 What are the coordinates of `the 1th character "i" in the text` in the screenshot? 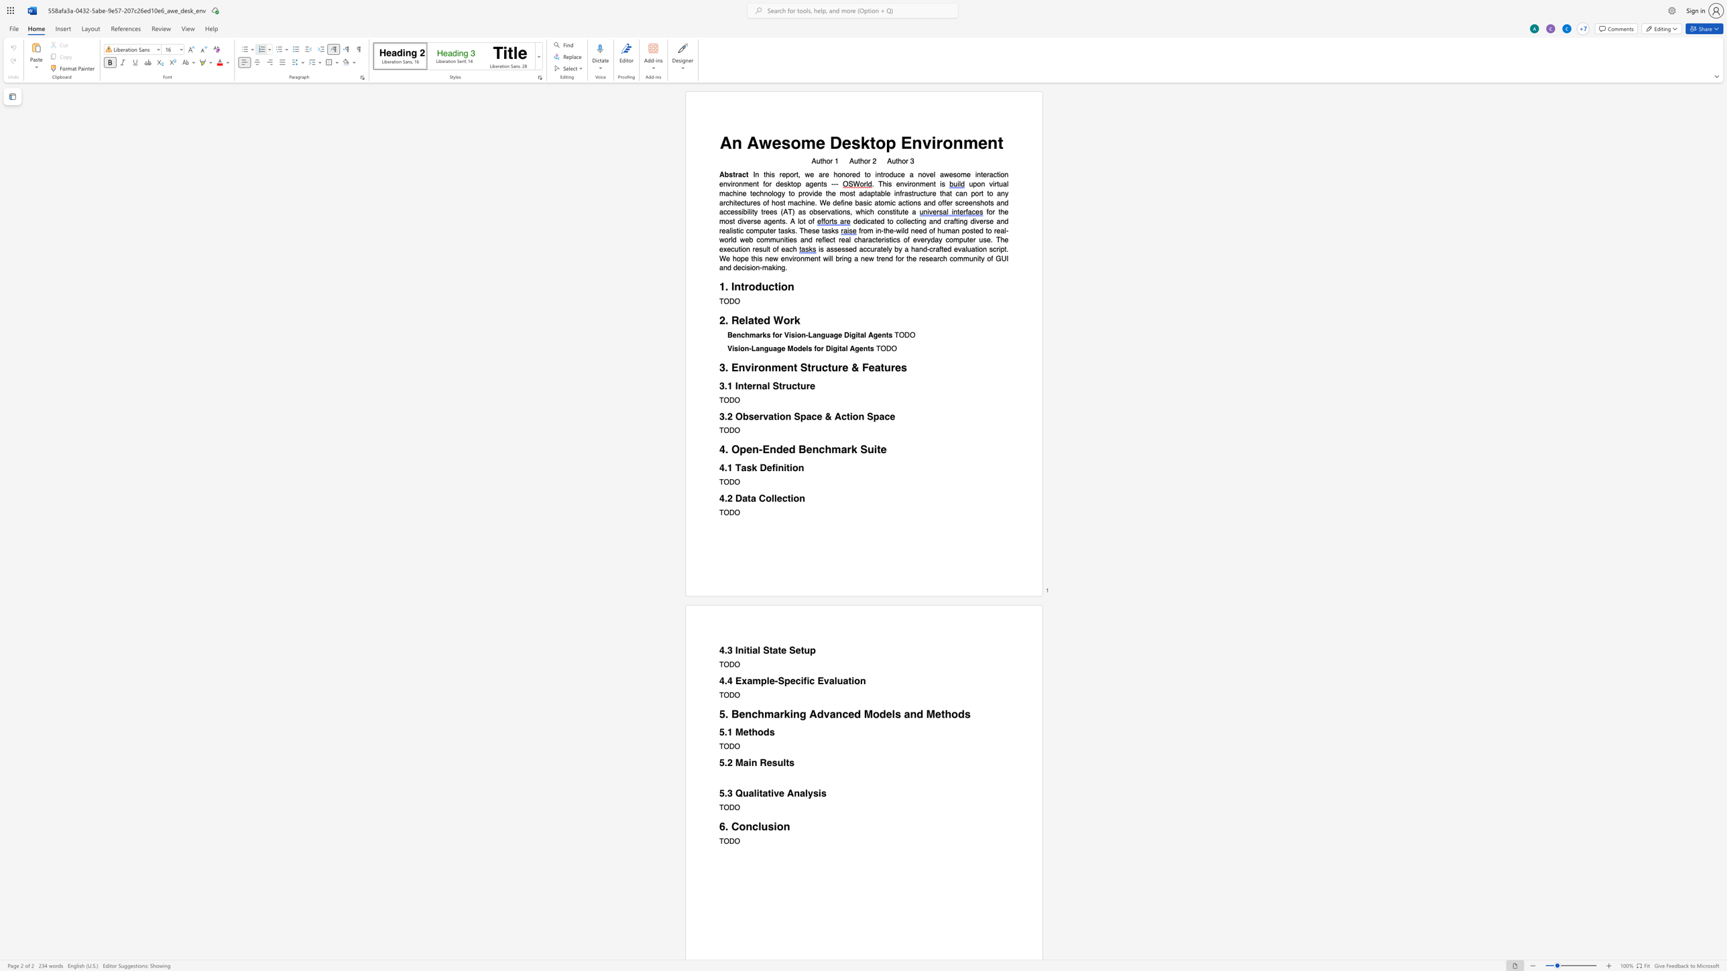 It's located at (802, 681).